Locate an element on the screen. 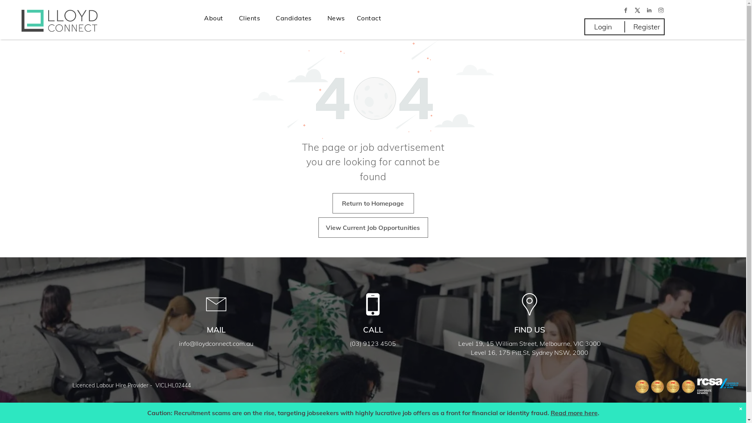 This screenshot has height=423, width=752. 'info@lloydconnect.com.au' is located at coordinates (216, 343).